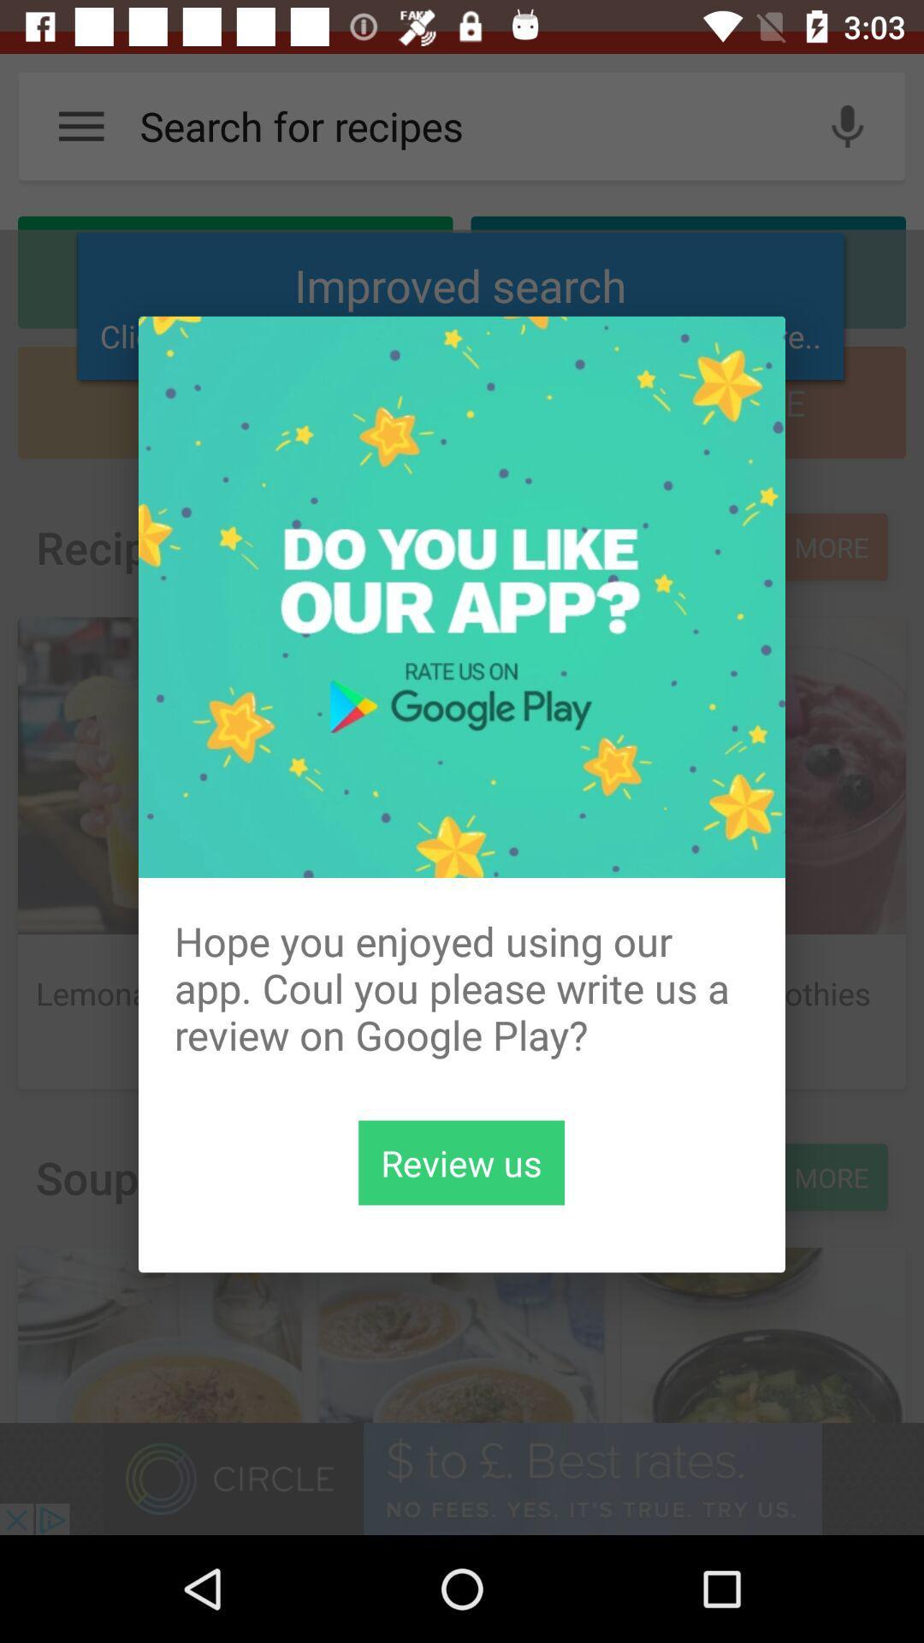  What do you see at coordinates (462, 596) in the screenshot?
I see `the icon above the hope you enjoyed icon` at bounding box center [462, 596].